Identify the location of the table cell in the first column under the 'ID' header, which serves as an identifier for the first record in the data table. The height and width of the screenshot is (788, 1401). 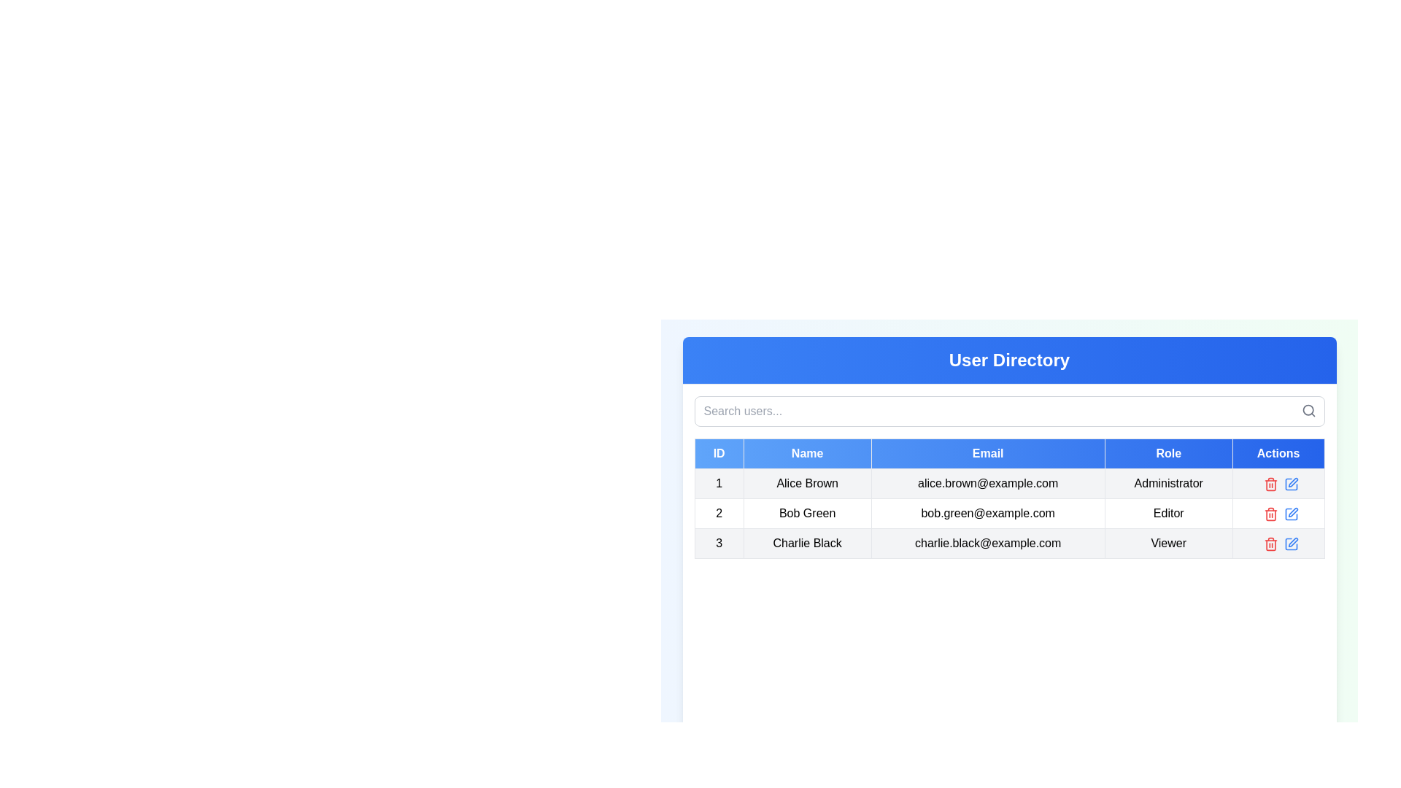
(719, 484).